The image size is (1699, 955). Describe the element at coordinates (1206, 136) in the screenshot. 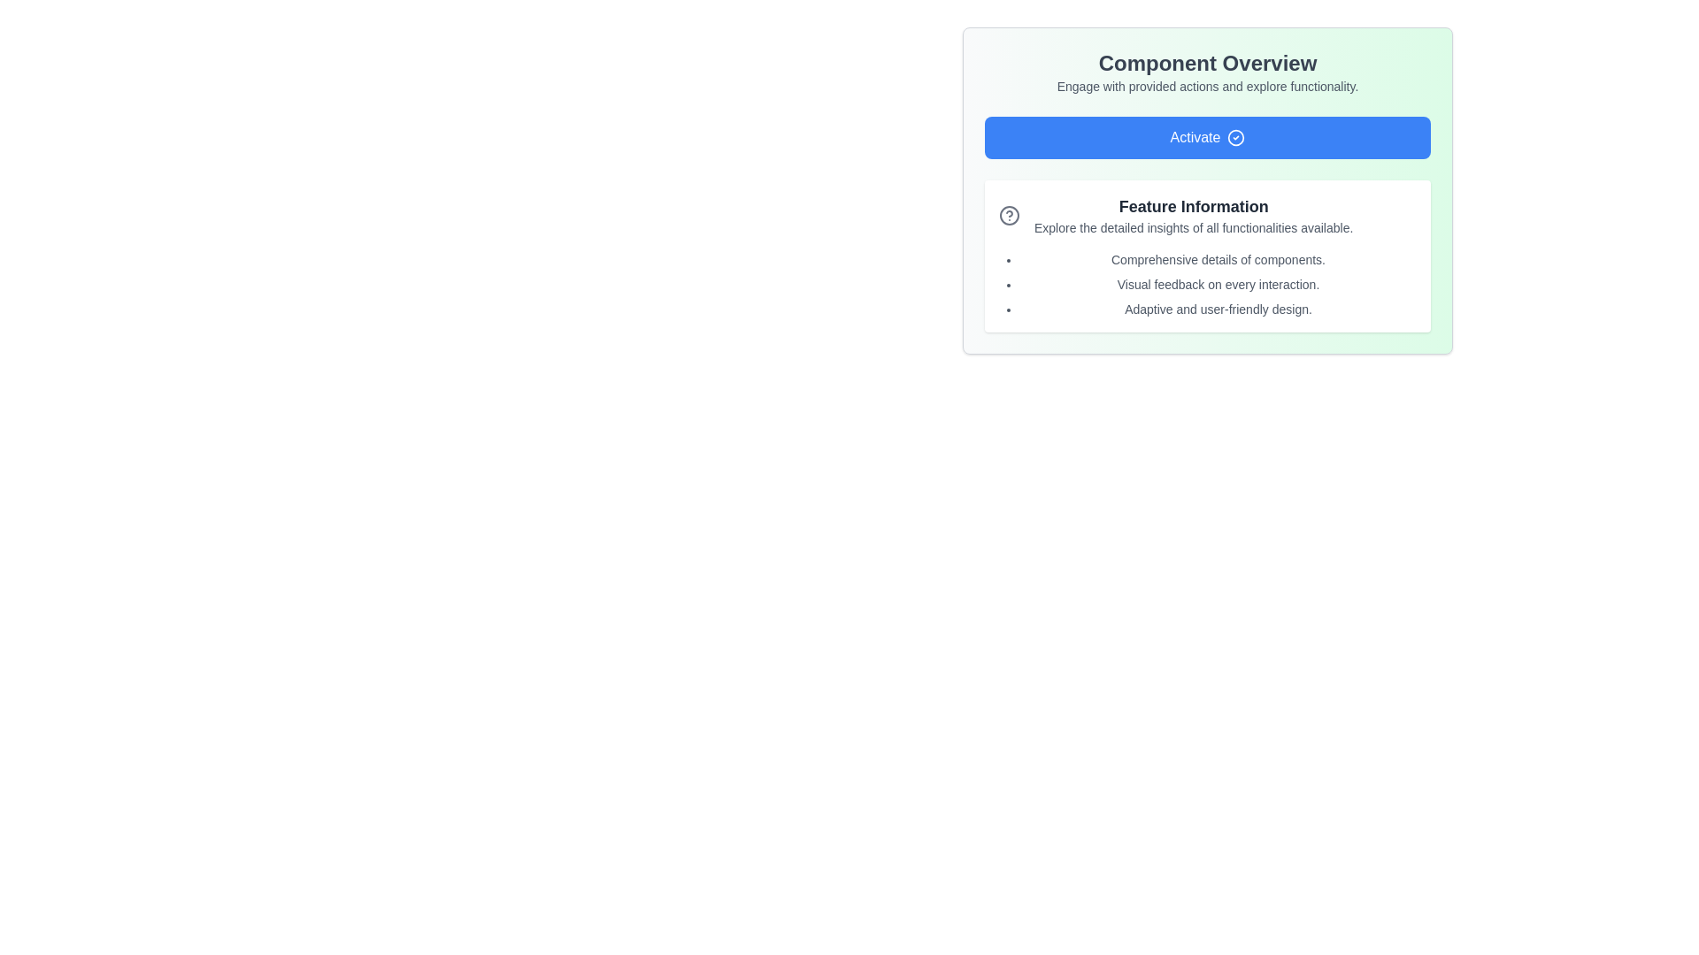

I see `the button located below the 'Component Overview' heading` at that location.